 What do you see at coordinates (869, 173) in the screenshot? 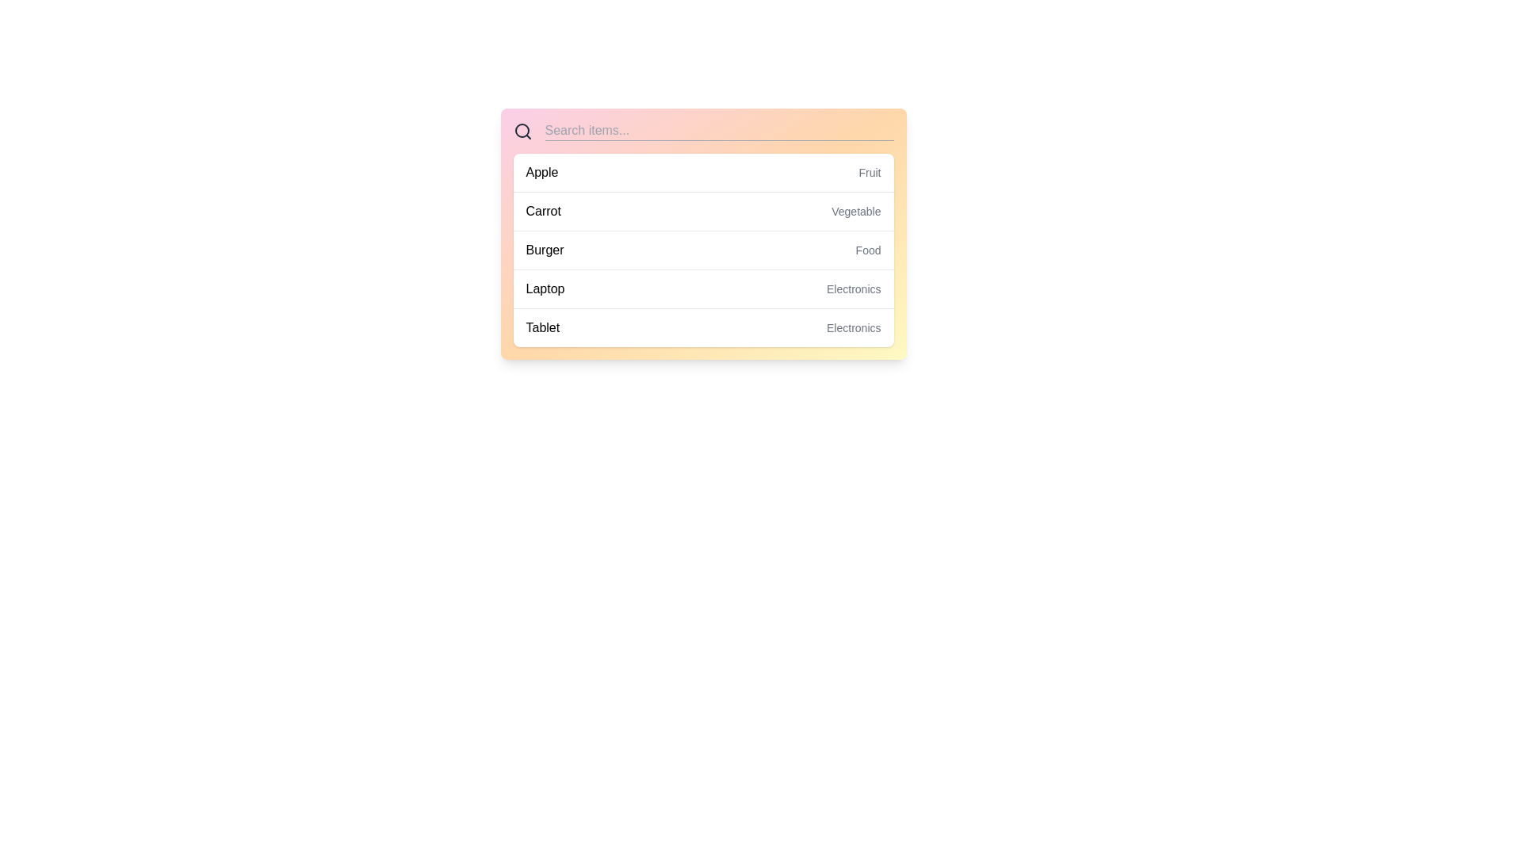
I see `the Text label that categorizes 'Apple' as 'Fruit', located at the top-right corner of its list item` at bounding box center [869, 173].